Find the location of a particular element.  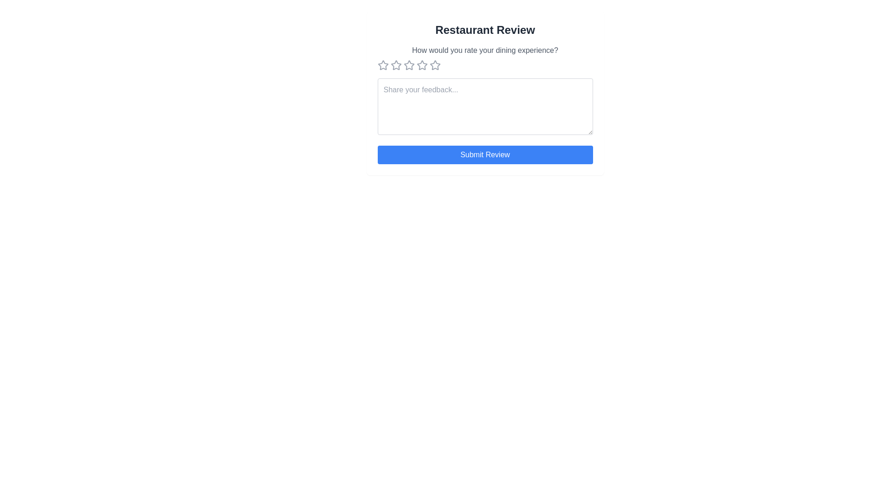

the star button corresponding to 1 stars is located at coordinates (383, 65).